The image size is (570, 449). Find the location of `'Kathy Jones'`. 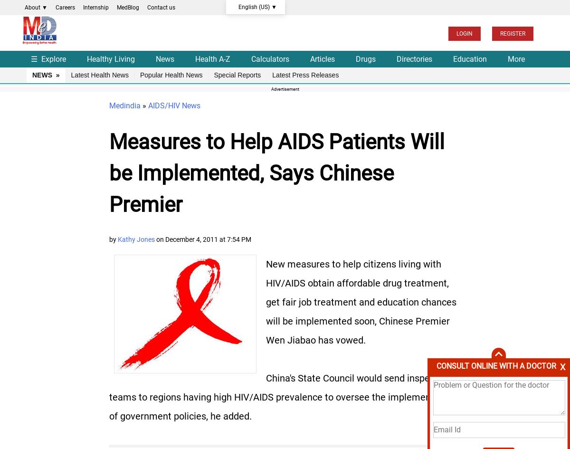

'Kathy Jones' is located at coordinates (136, 239).